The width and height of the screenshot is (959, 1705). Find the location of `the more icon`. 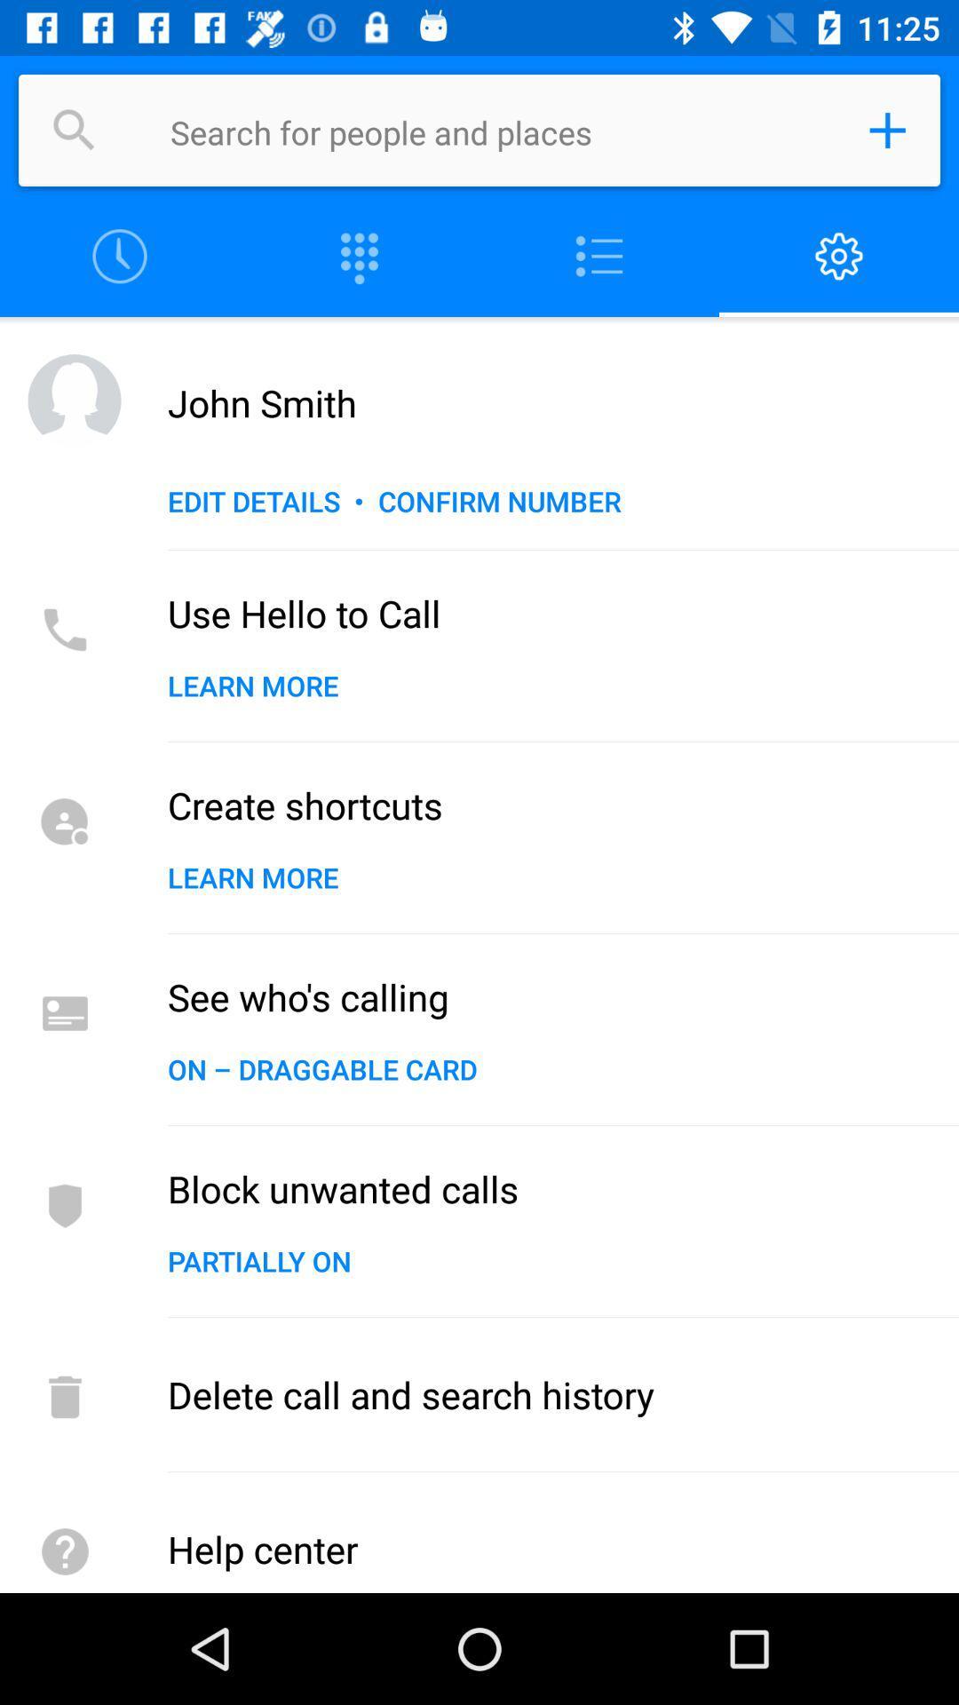

the more icon is located at coordinates (360, 256).